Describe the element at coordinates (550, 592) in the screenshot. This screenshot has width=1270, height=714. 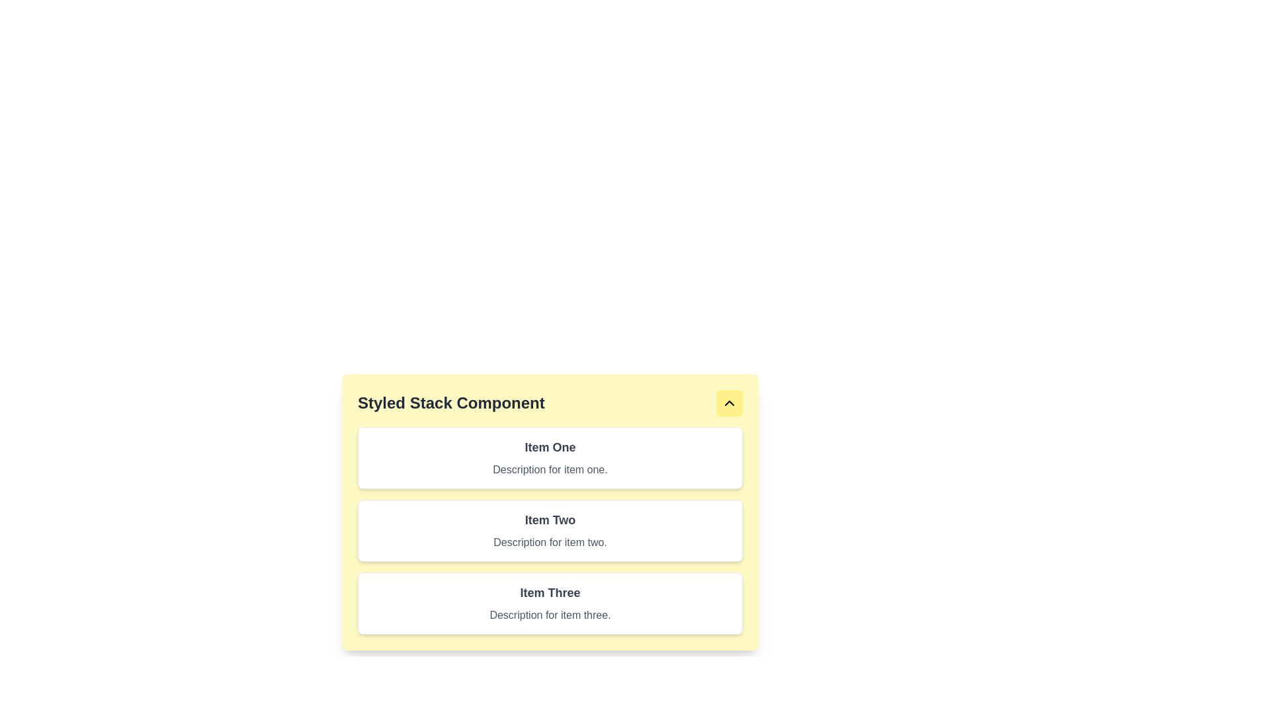
I see `text displayed in the 'Item Three' text label, which is the title of the third card in the vertically stacked list within the 'Styled Stack Component'` at that location.